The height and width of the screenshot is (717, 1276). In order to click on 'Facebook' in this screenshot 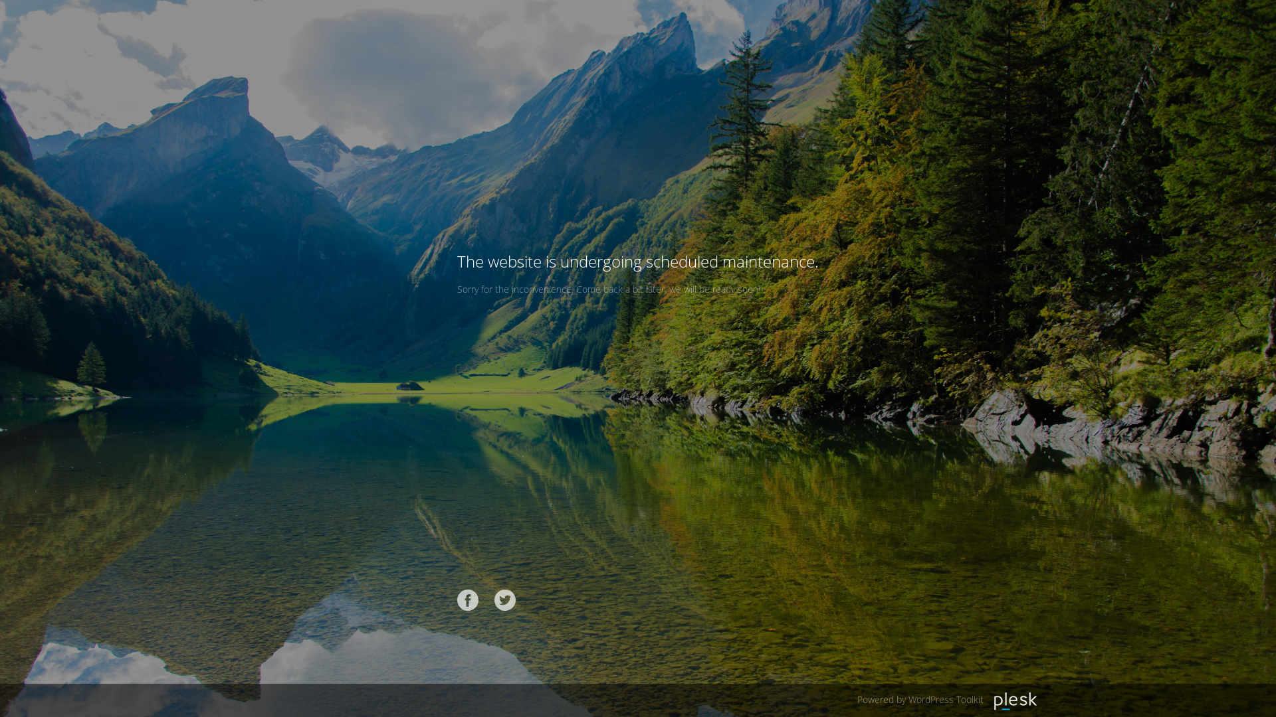, I will do `click(457, 599)`.